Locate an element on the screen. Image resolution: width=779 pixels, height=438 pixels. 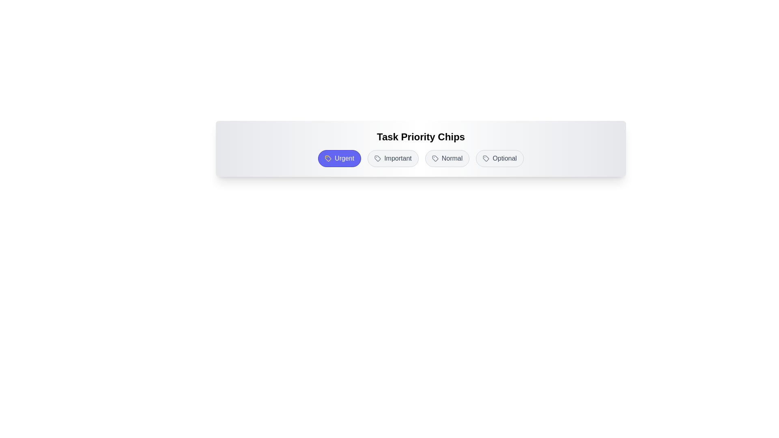
the chip labeled Optional to toggle its state is located at coordinates (499, 158).